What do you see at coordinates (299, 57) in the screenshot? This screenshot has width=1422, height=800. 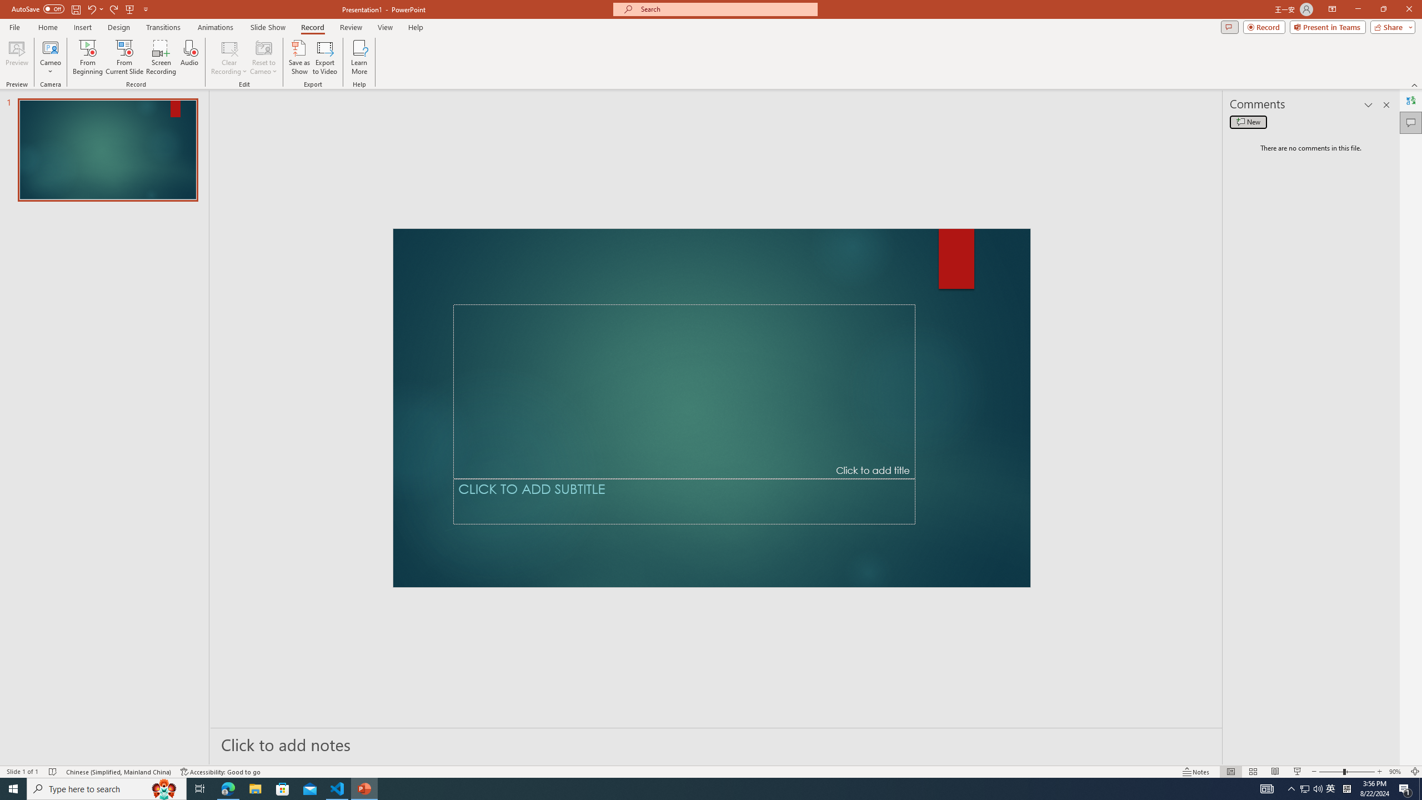 I see `'Save as Show'` at bounding box center [299, 57].